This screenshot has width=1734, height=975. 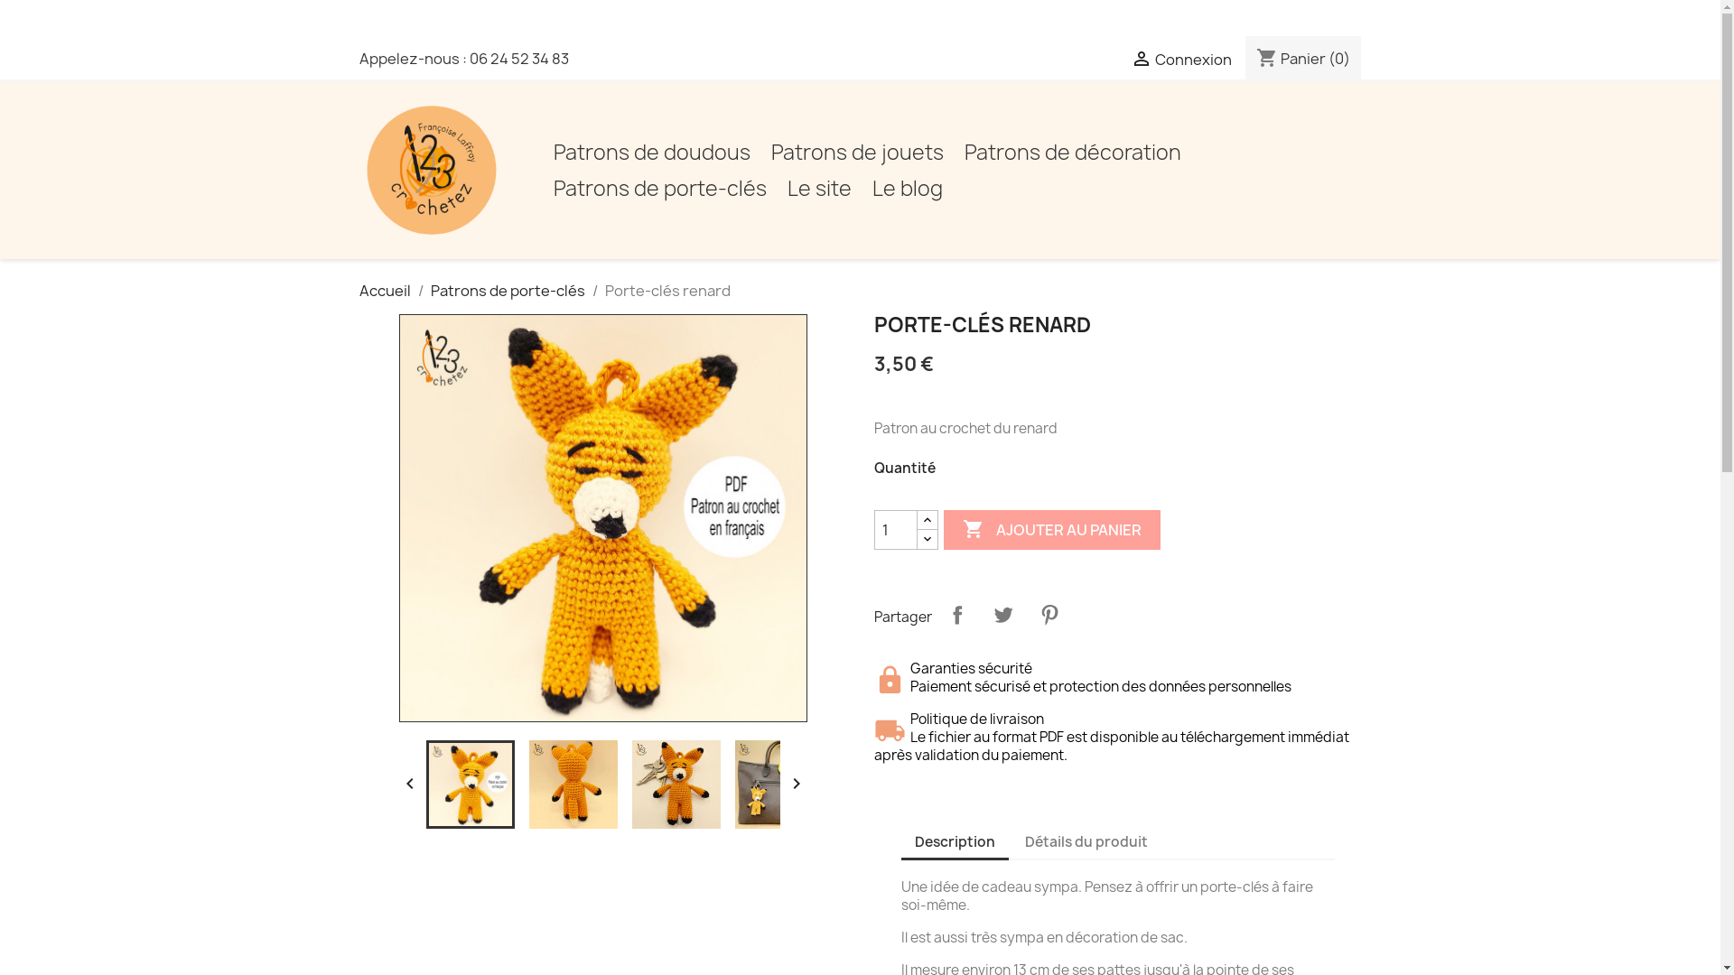 What do you see at coordinates (1049, 614) in the screenshot?
I see `'Pinterest'` at bounding box center [1049, 614].